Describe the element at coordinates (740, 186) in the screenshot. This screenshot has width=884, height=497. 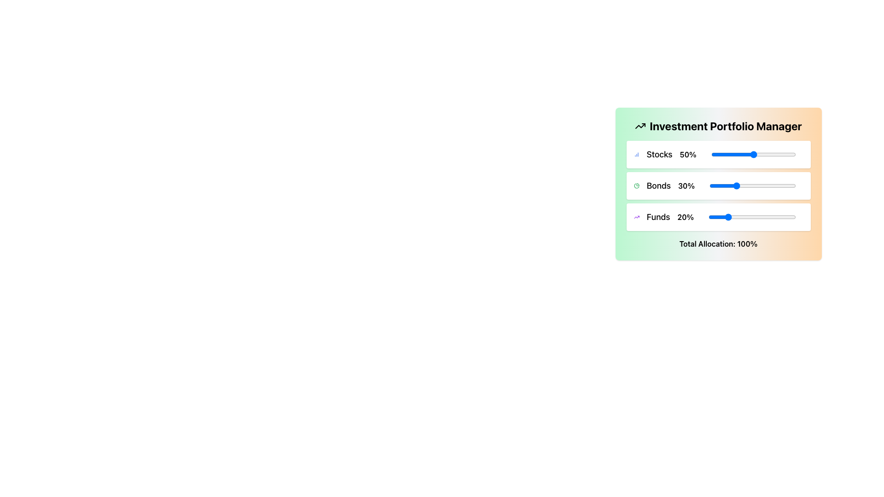
I see `the 'Bonds' allocation` at that location.